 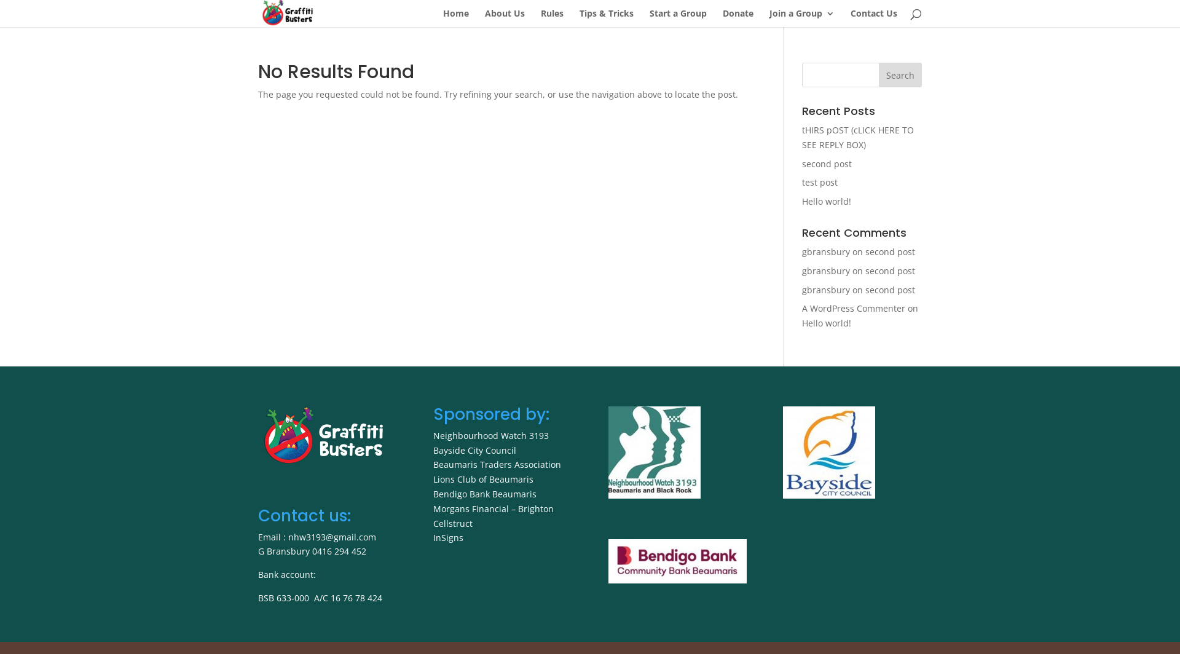 I want to click on 'Home', so click(x=455, y=18).